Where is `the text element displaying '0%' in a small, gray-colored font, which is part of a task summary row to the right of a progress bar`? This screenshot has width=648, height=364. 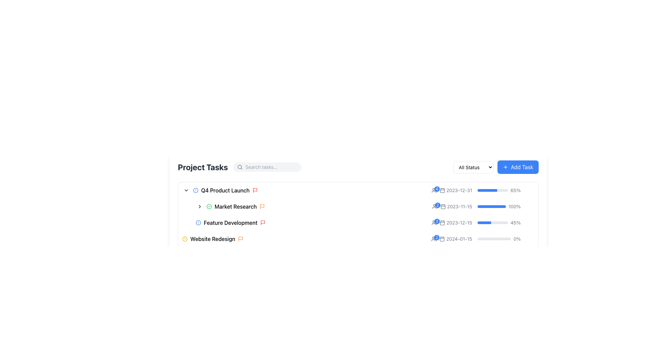
the text element displaying '0%' in a small, gray-colored font, which is part of a task summary row to the right of a progress bar is located at coordinates (517, 239).